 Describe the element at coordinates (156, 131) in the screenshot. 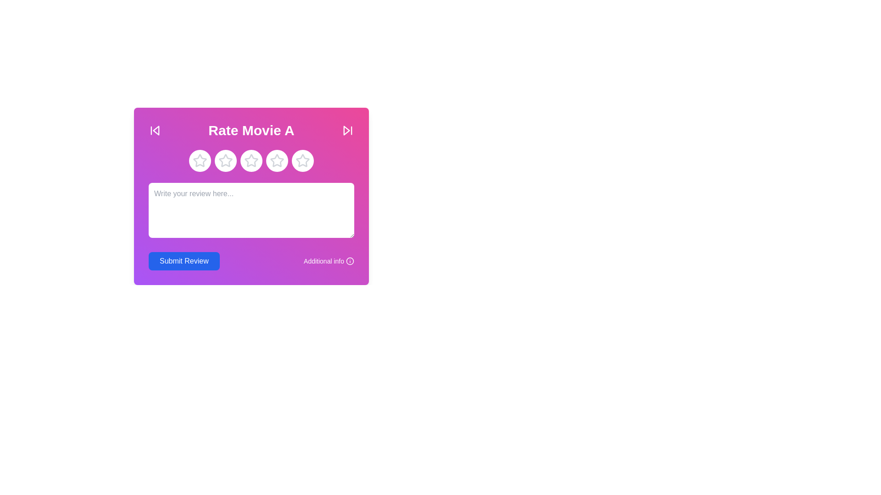

I see `the left-pointing triangular 'back' navigation icon located in the top-left corner of the modal titled 'Rate Movie A'` at that location.